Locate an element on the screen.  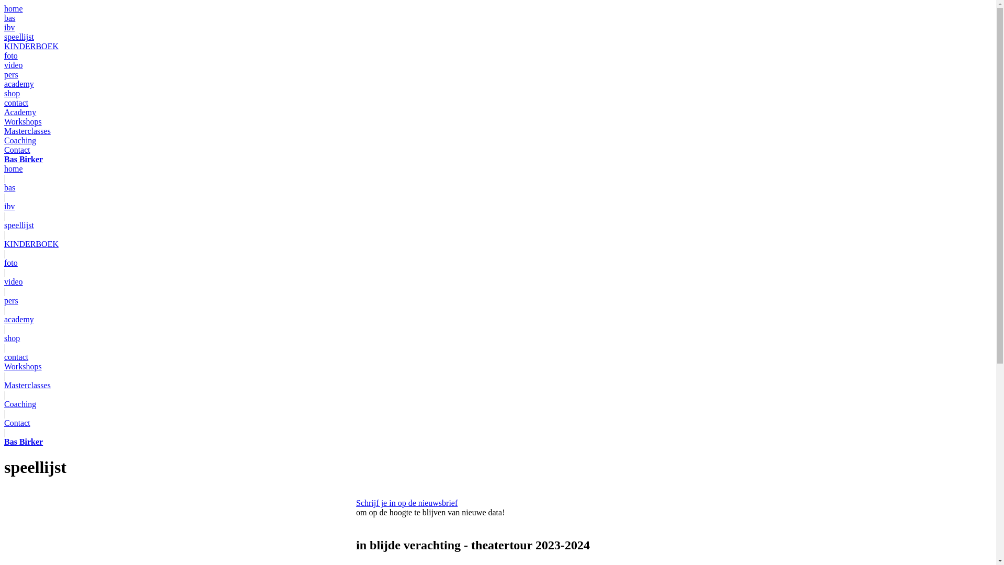
'speellijst' is located at coordinates (19, 36).